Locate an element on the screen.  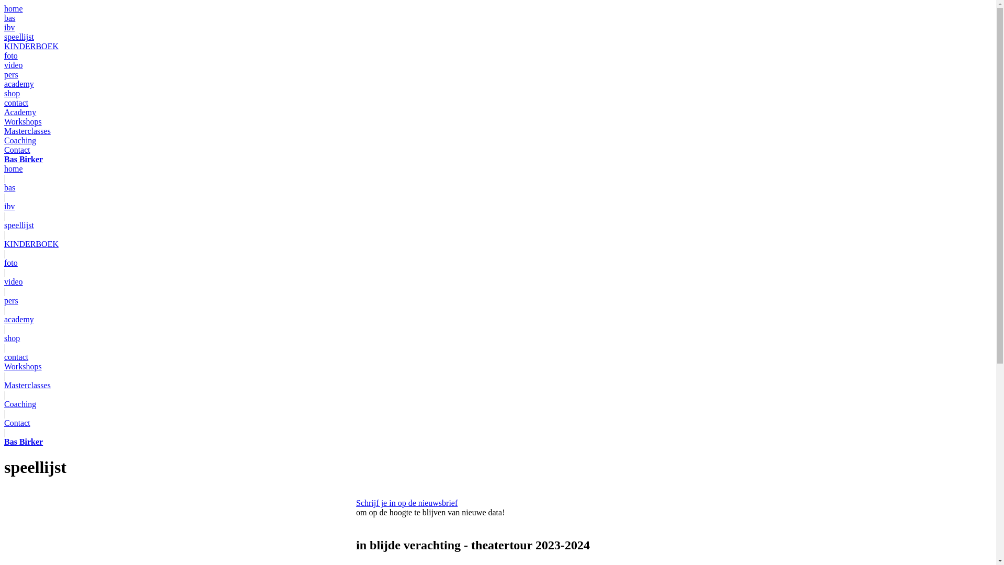
'speellijst' is located at coordinates (19, 36).